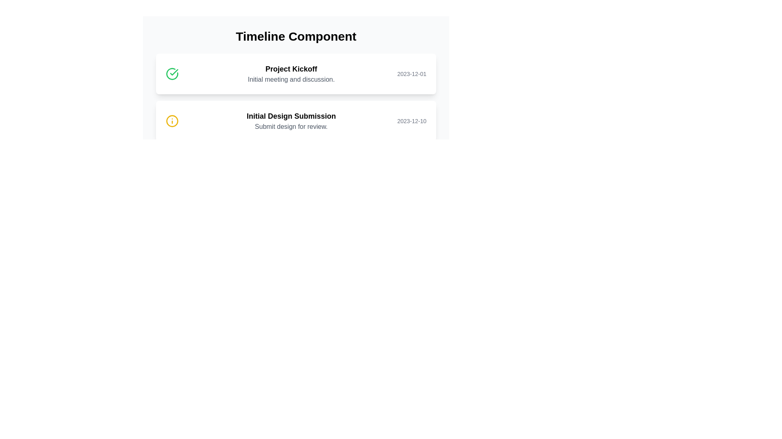 Image resolution: width=782 pixels, height=439 pixels. Describe the element at coordinates (291, 74) in the screenshot. I see `text label that describes the task or event, located in a white, rounded rectangular card, below an icon and above the date '2023-12-01'` at that location.